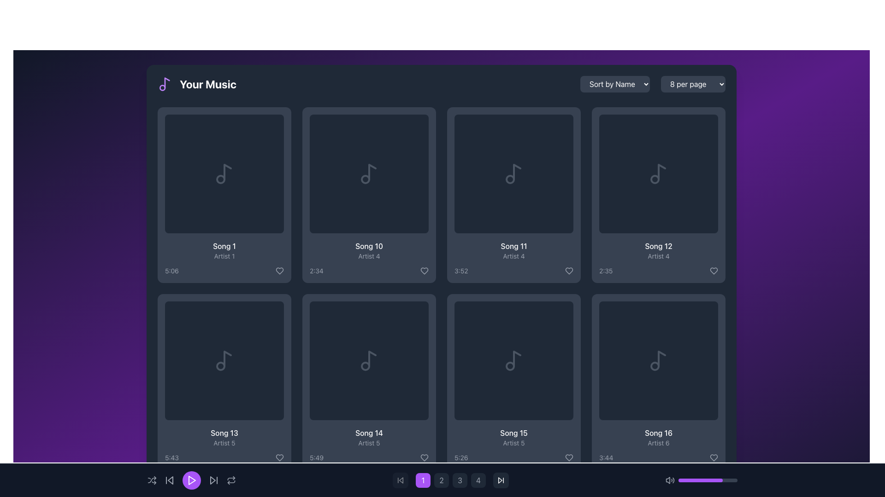 The width and height of the screenshot is (885, 497). What do you see at coordinates (279, 271) in the screenshot?
I see `the heart icon button to mark 'Song 1' as a favorite, located to the right of the '5:06' duration text in the first row of the grid layout` at bounding box center [279, 271].